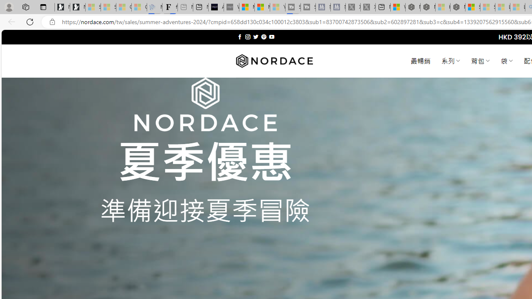  Describe the element at coordinates (255, 37) in the screenshot. I see `'Follow on Twitter'` at that location.